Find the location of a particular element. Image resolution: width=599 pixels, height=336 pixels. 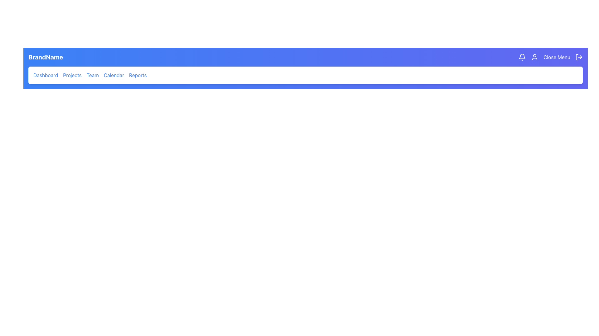

the 'Projects' navigation link in the horizontal menu is located at coordinates (72, 75).